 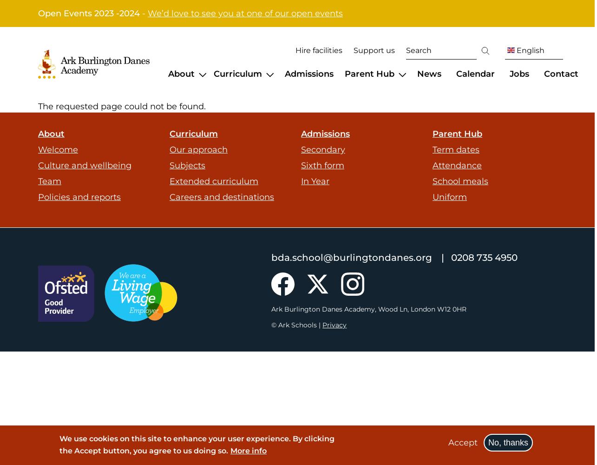 What do you see at coordinates (457, 165) in the screenshot?
I see `'Attendance'` at bounding box center [457, 165].